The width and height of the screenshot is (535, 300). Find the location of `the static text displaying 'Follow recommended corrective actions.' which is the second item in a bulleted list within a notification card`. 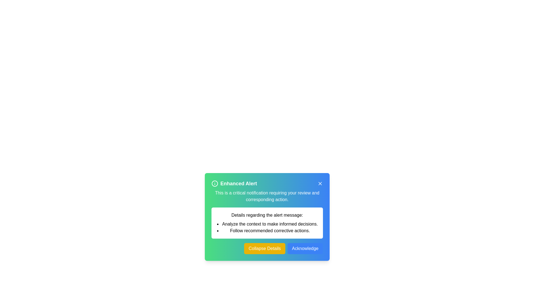

the static text displaying 'Follow recommended corrective actions.' which is the second item in a bulleted list within a notification card is located at coordinates (270, 231).